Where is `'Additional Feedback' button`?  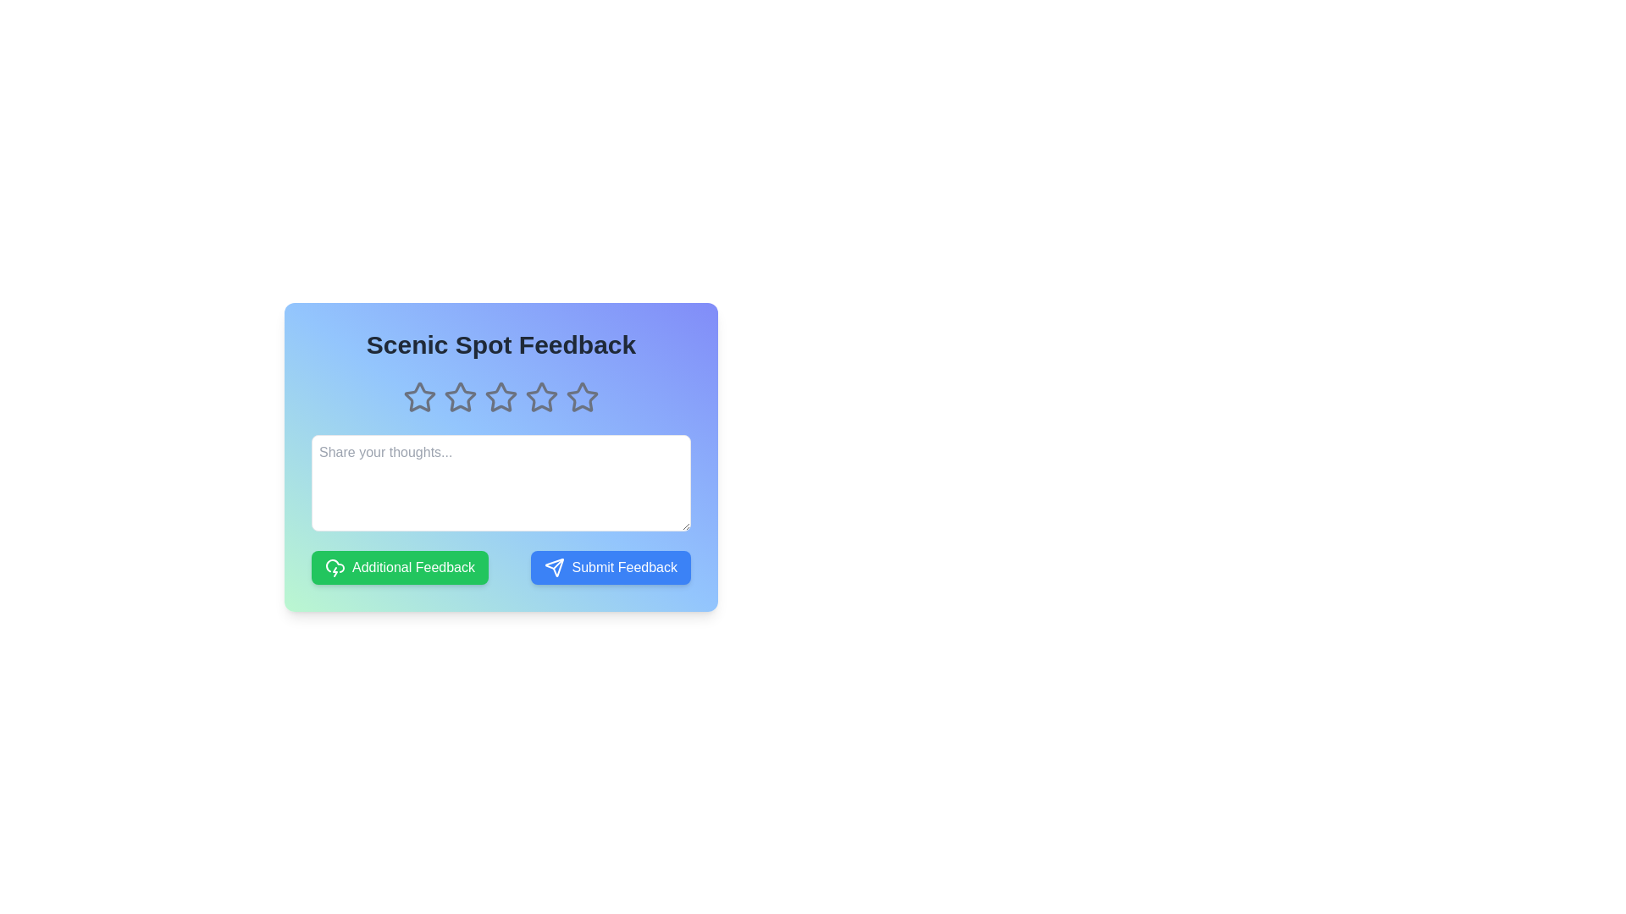
'Additional Feedback' button is located at coordinates (398, 568).